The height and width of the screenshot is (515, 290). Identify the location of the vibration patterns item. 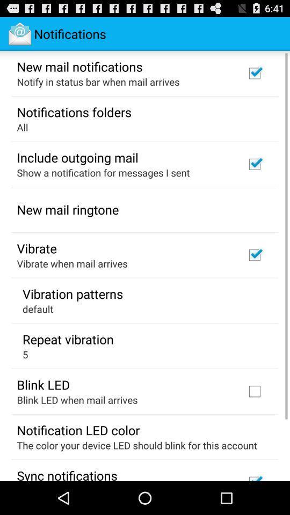
(73, 293).